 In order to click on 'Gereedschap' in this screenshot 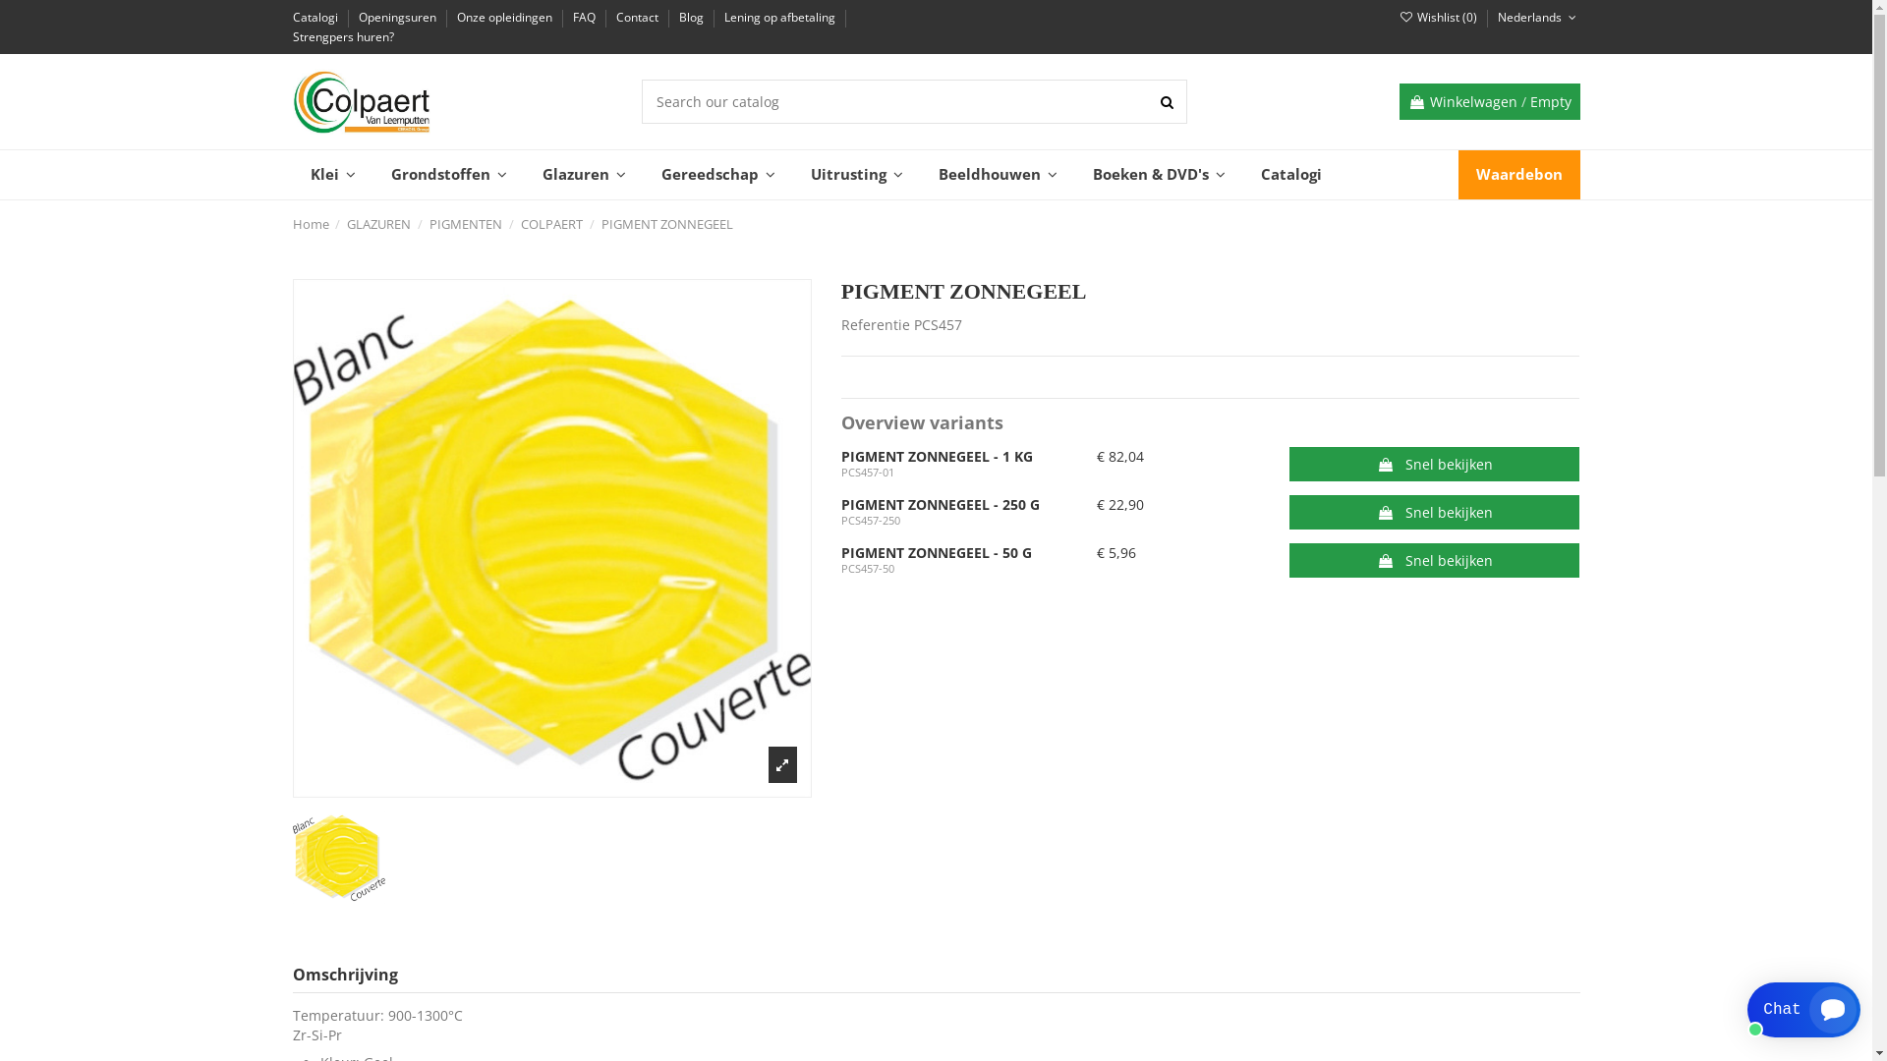, I will do `click(715, 173)`.